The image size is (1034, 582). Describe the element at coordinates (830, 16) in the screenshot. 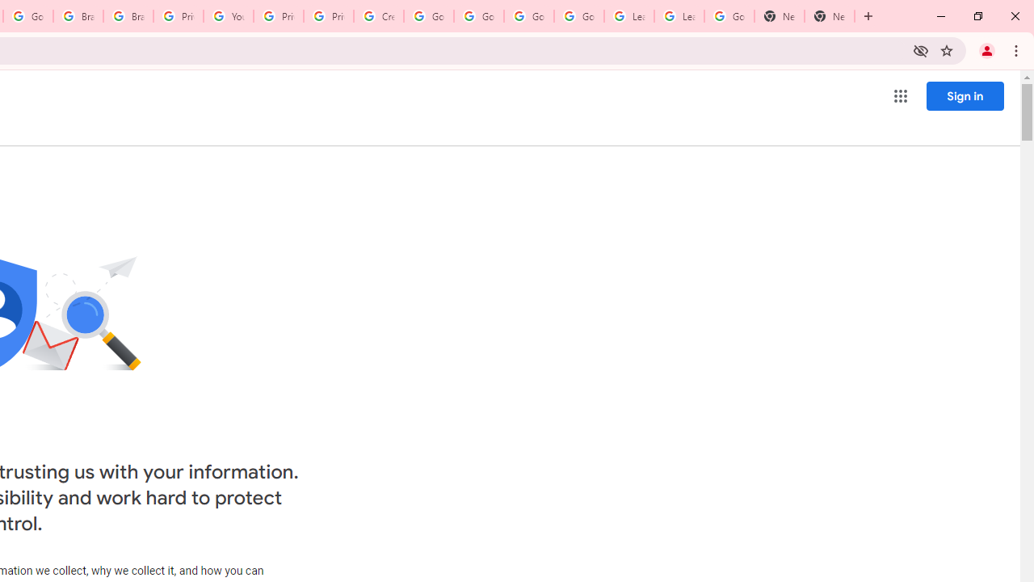

I see `'New Tab'` at that location.